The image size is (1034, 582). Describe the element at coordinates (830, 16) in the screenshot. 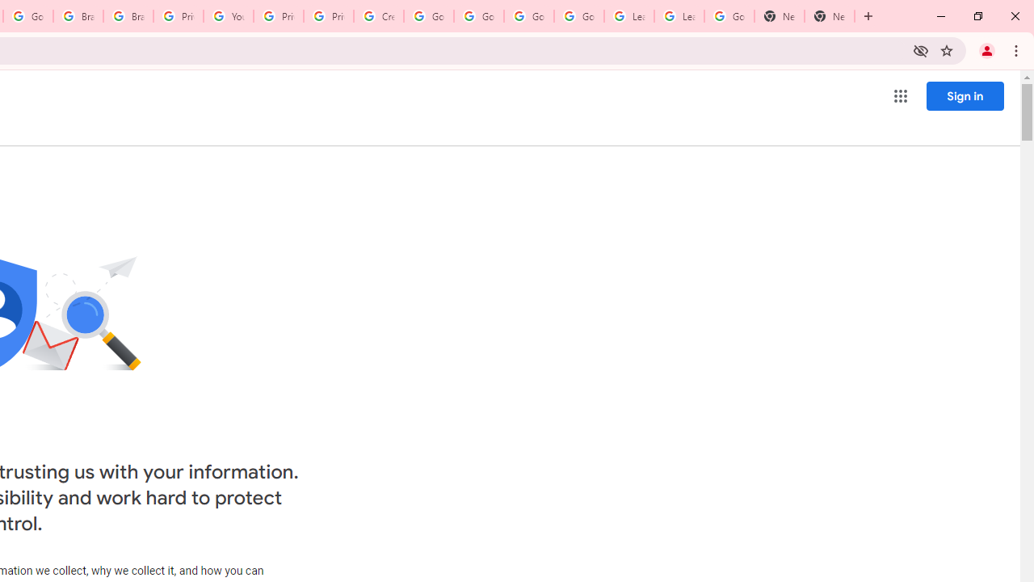

I see `'New Tab'` at that location.